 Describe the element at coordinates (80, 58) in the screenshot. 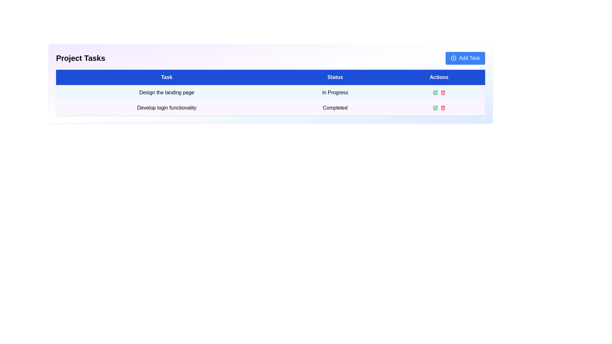

I see `header text label located at the top-left corner of the task management interface to understand the context of the section below` at that location.